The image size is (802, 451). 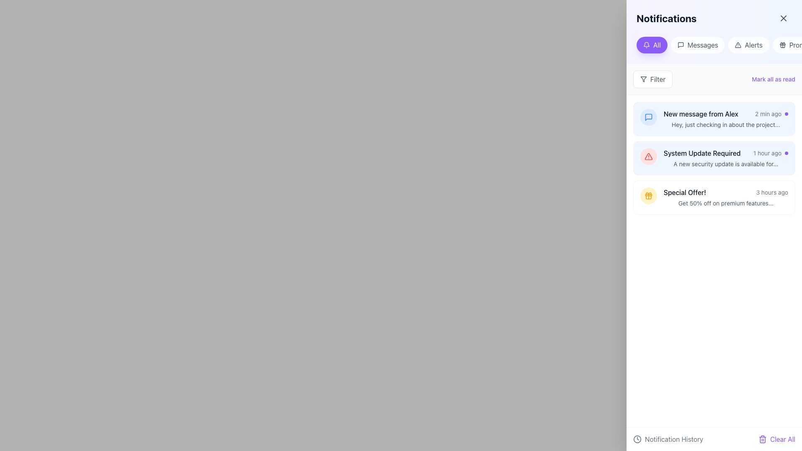 What do you see at coordinates (781, 158) in the screenshot?
I see `the circular button with three vertically aligned dots in the top-right corner of the 'System Update Required' notification card` at bounding box center [781, 158].